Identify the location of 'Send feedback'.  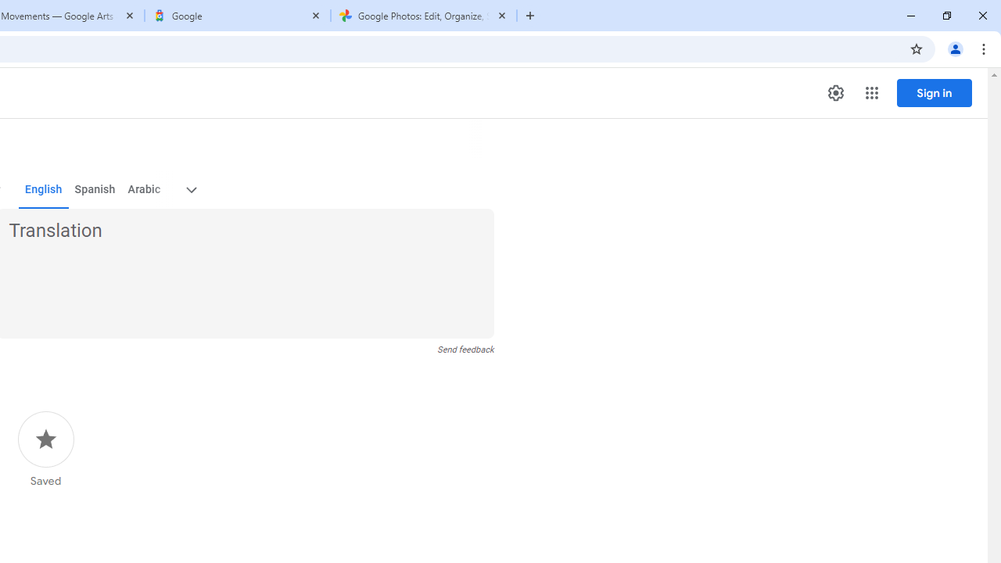
(465, 349).